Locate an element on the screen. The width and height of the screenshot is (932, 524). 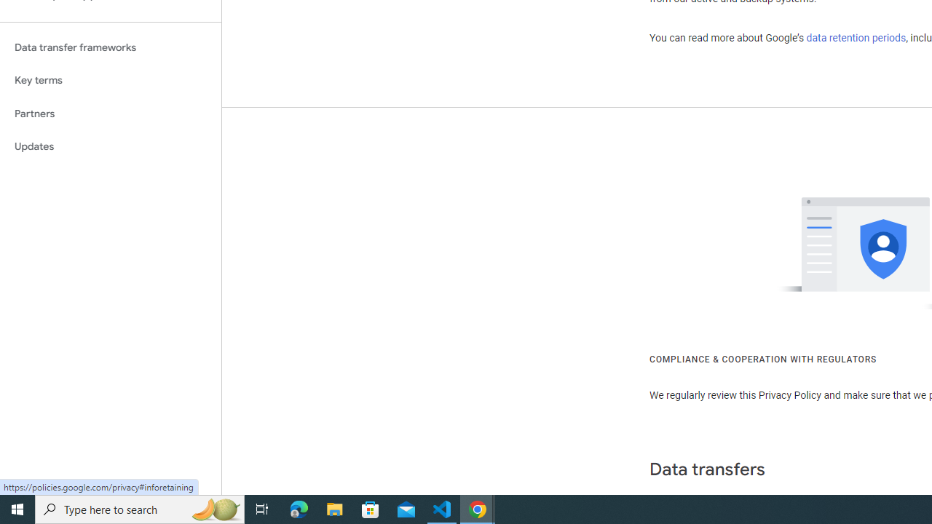
'Data transfer frameworks' is located at coordinates (110, 47).